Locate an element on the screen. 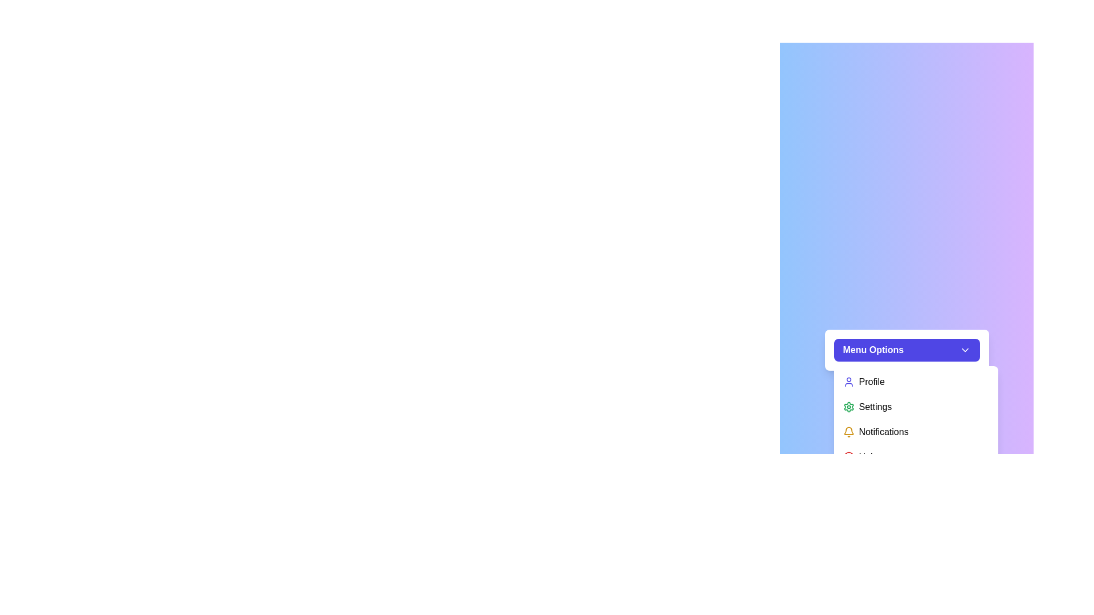 The image size is (1094, 615). the green cogwheel settings icon positioned to the left of the 'Settings' text label in the dropdown menu is located at coordinates (848, 406).